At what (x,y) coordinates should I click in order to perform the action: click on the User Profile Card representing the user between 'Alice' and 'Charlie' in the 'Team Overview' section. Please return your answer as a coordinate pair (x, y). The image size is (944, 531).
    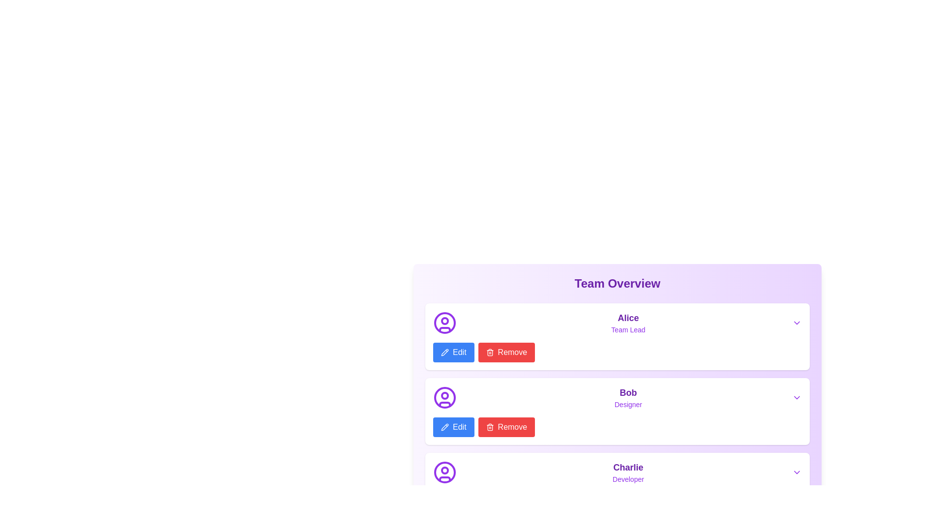
    Looking at the image, I should click on (617, 412).